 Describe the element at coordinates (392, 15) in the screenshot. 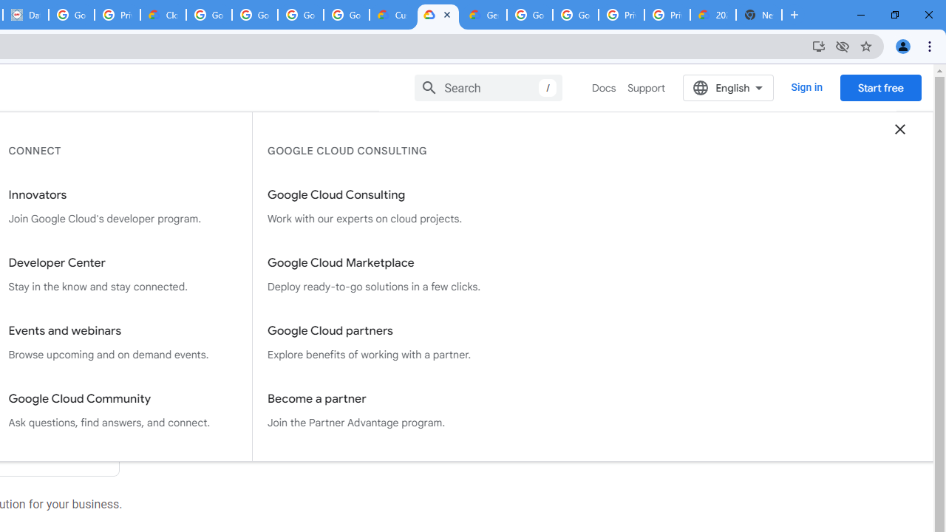

I see `'Customer Care | Google Cloud'` at that location.